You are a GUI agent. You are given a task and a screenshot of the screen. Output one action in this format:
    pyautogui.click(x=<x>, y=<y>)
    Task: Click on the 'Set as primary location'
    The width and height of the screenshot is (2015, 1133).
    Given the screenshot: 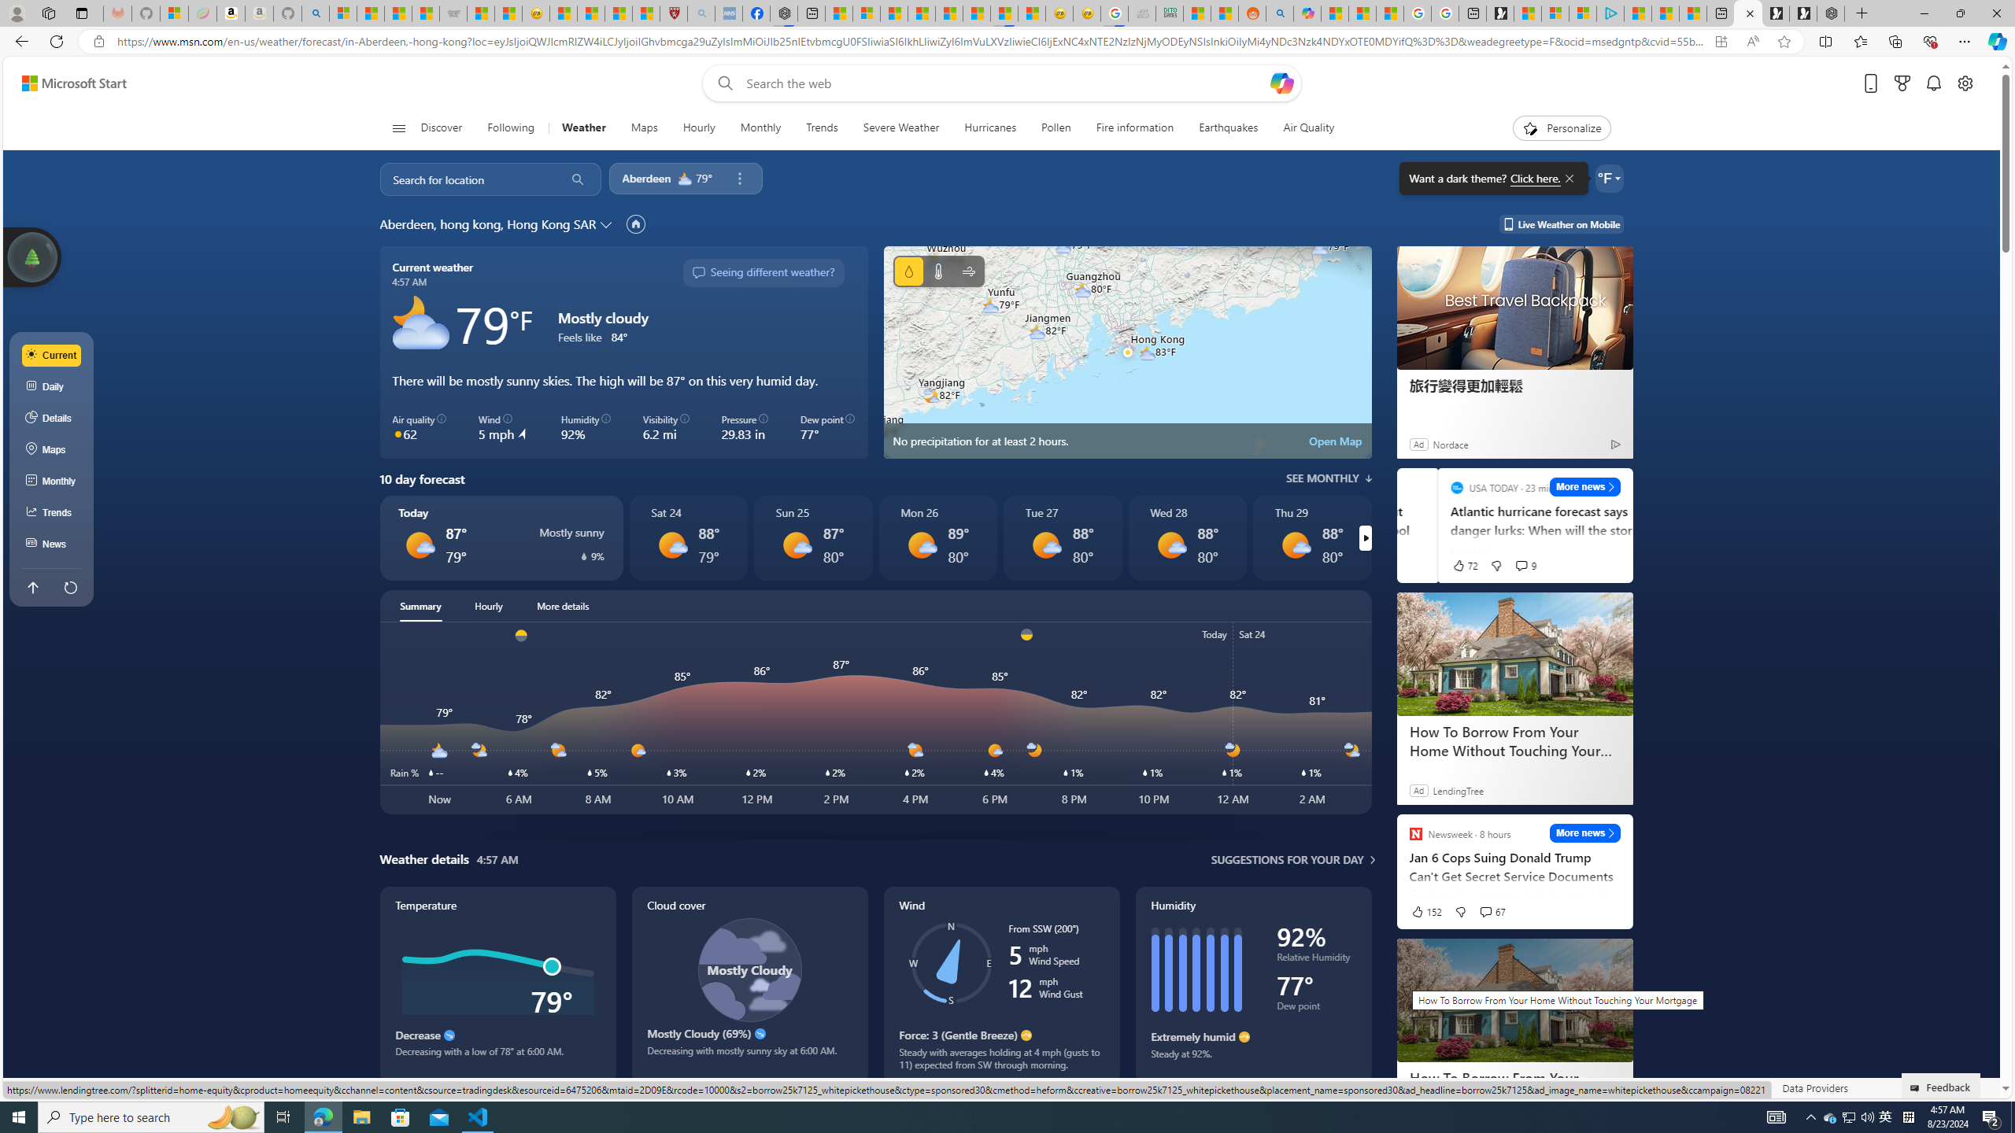 What is the action you would take?
    pyautogui.click(x=635, y=223)
    